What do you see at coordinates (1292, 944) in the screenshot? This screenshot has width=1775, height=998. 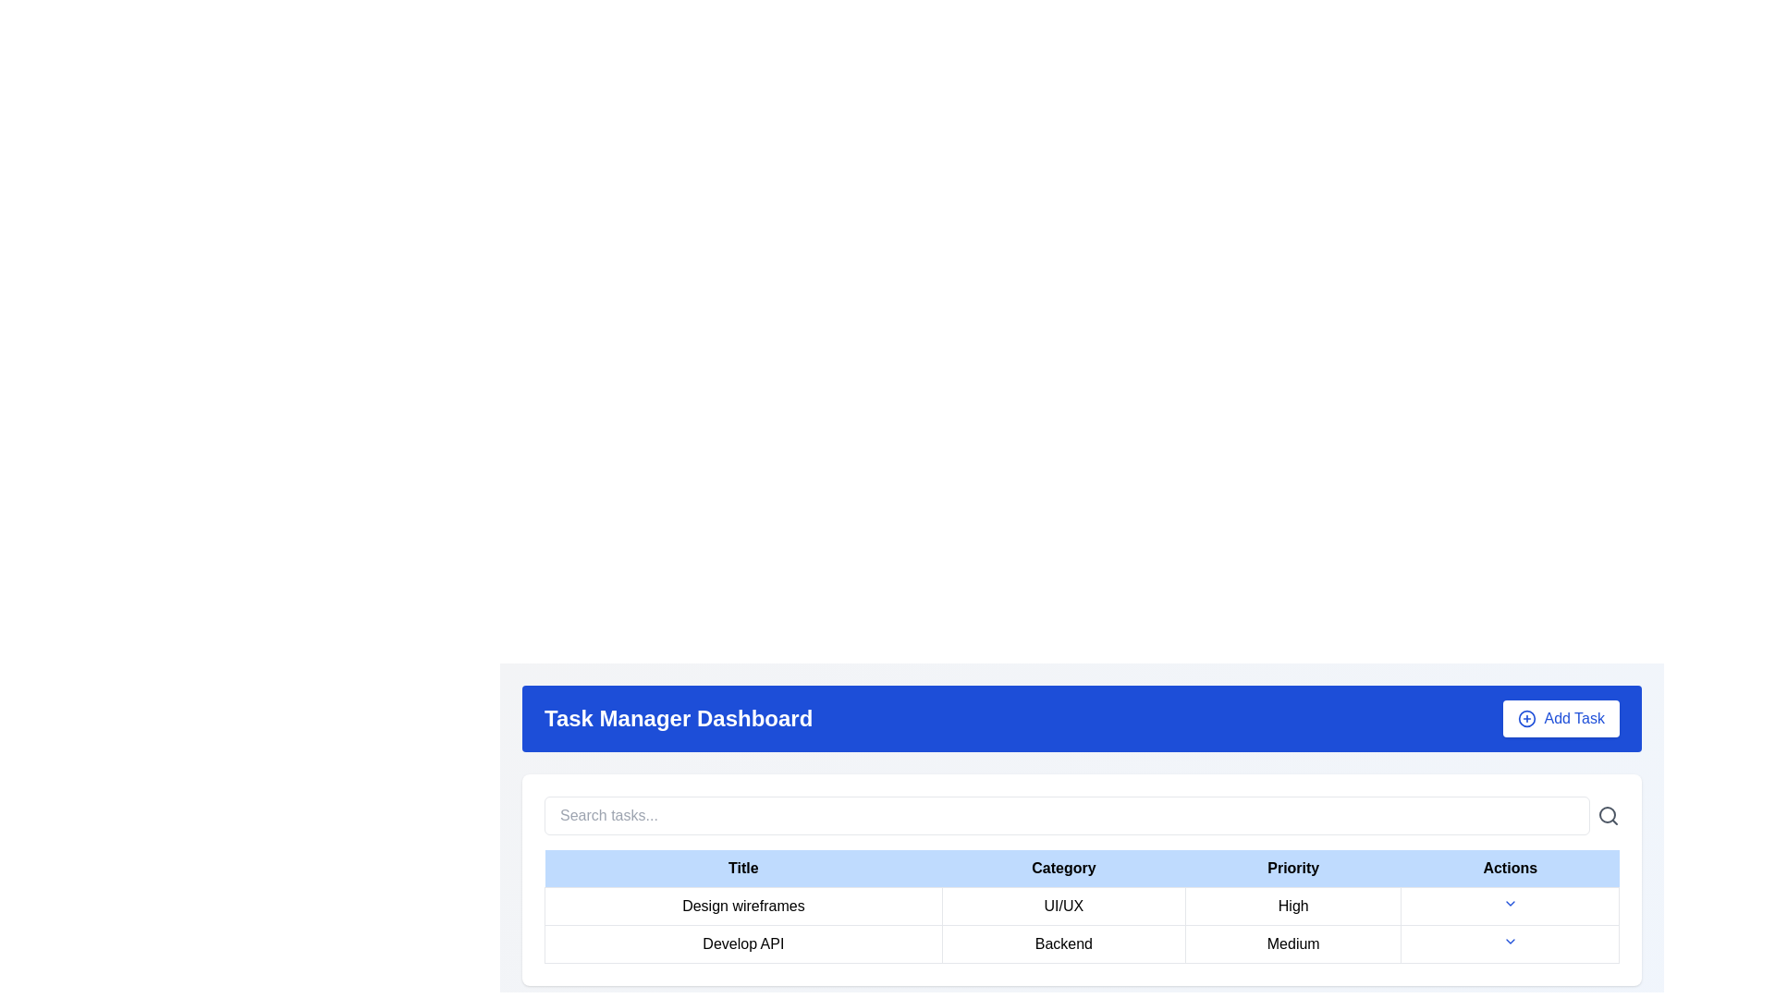 I see `the 'Medium' text label in the 'Priority' column of the 'Develop API' row, which is styled with a light border and padding` at bounding box center [1292, 944].